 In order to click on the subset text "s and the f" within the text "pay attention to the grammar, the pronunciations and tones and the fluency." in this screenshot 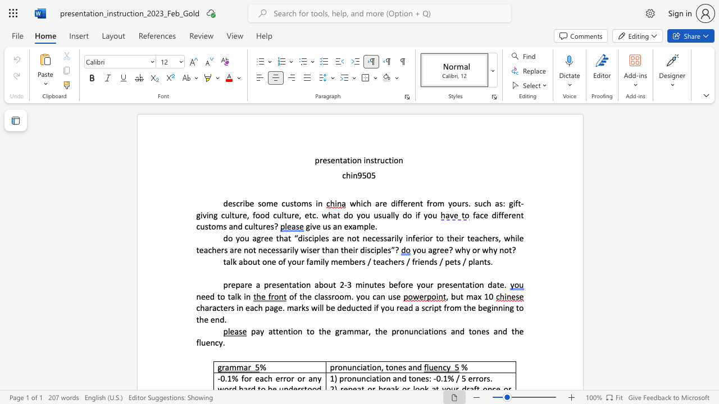, I will do `click(485, 330)`.